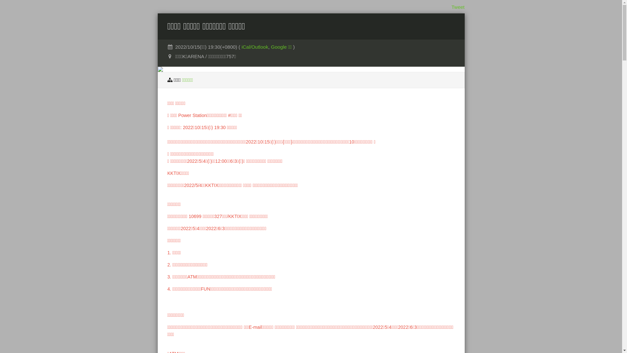 The height and width of the screenshot is (353, 627). I want to click on 'iCal/Outlook', so click(255, 46).